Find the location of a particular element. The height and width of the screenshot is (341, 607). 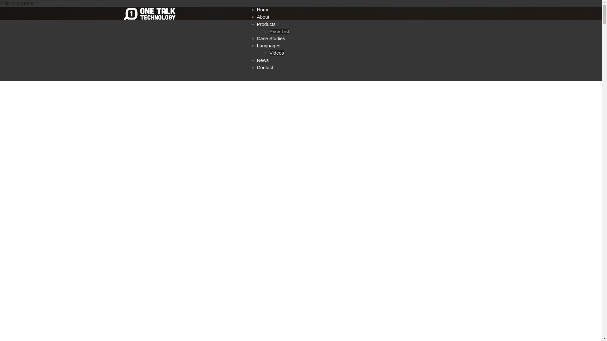

'News' is located at coordinates (256, 60).